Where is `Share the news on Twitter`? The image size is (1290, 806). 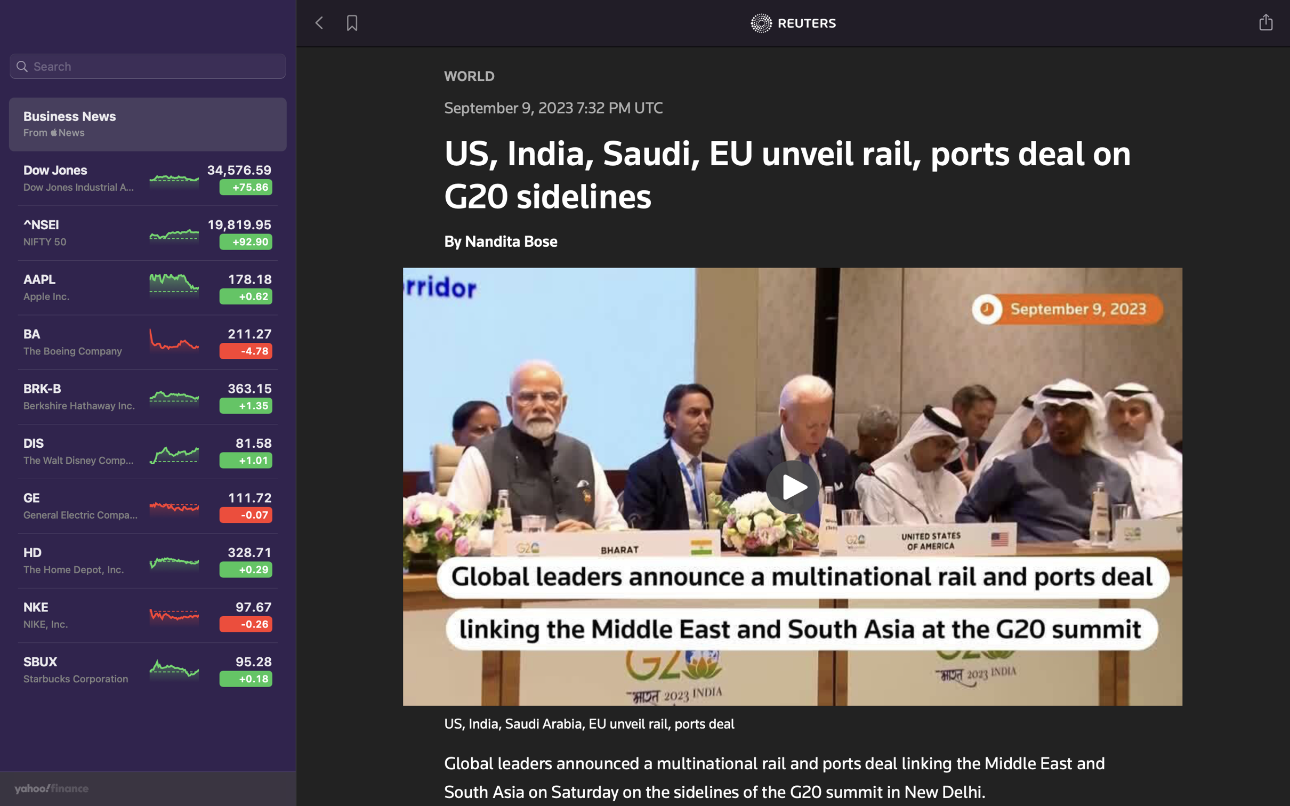
Share the news on Twitter is located at coordinates (1267, 21).